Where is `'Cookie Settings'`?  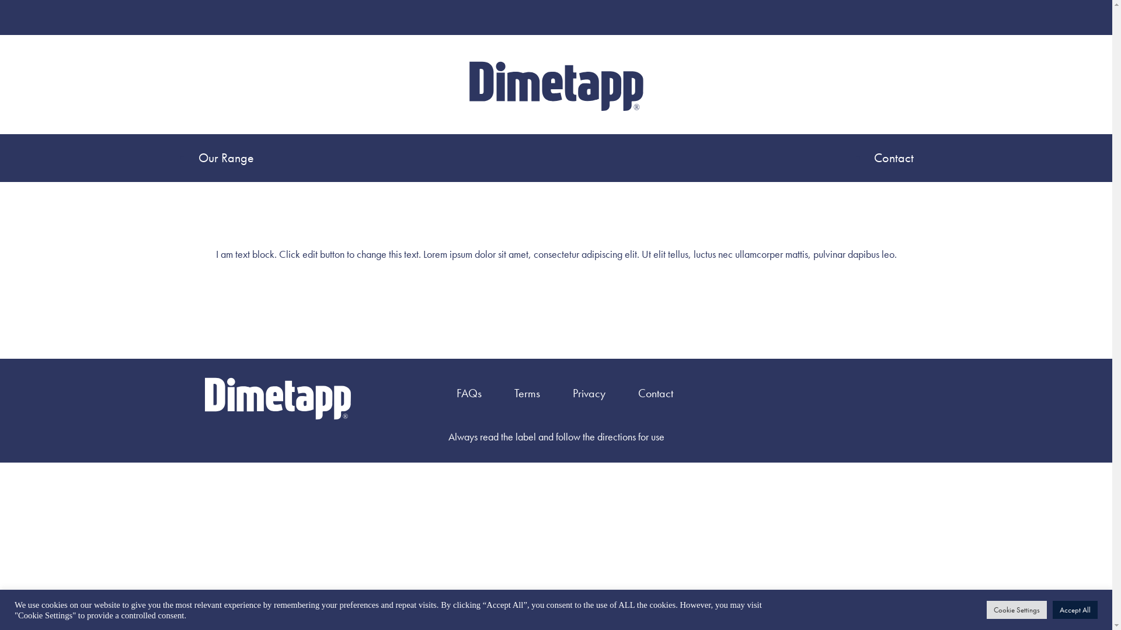 'Cookie Settings' is located at coordinates (1016, 609).